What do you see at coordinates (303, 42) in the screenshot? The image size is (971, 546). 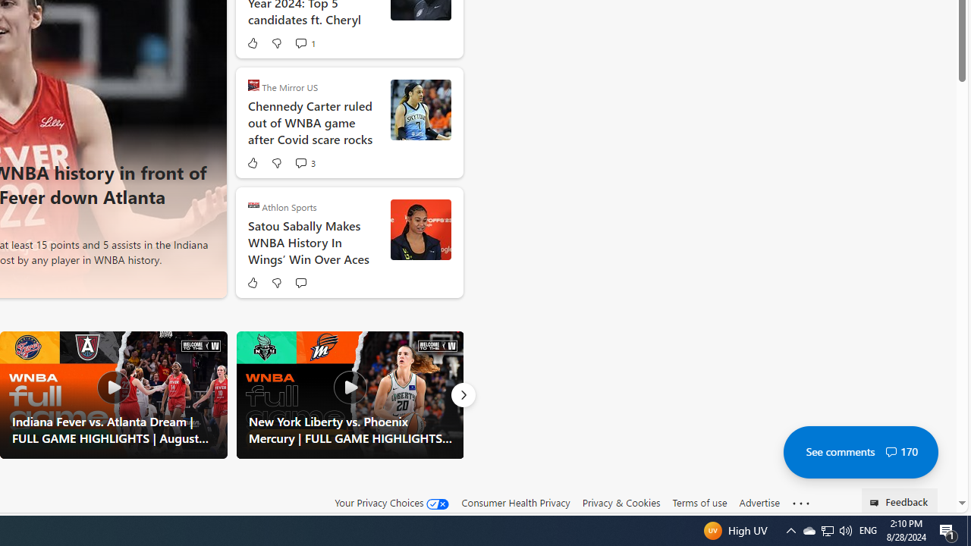 I see `'View comments 1 Comment'` at bounding box center [303, 42].